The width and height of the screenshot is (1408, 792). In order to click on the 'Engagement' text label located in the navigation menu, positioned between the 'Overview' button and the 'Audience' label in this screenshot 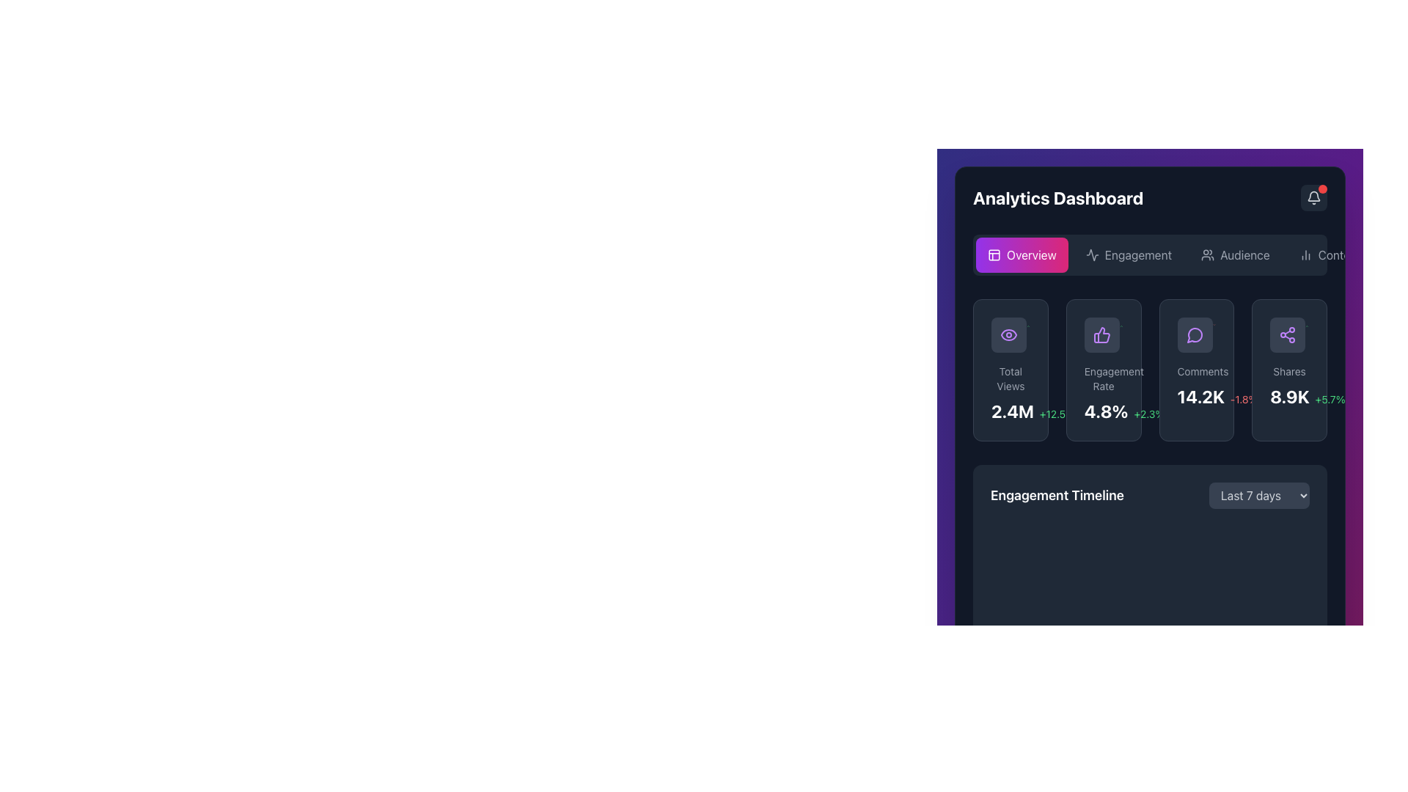, I will do `click(1137, 254)`.